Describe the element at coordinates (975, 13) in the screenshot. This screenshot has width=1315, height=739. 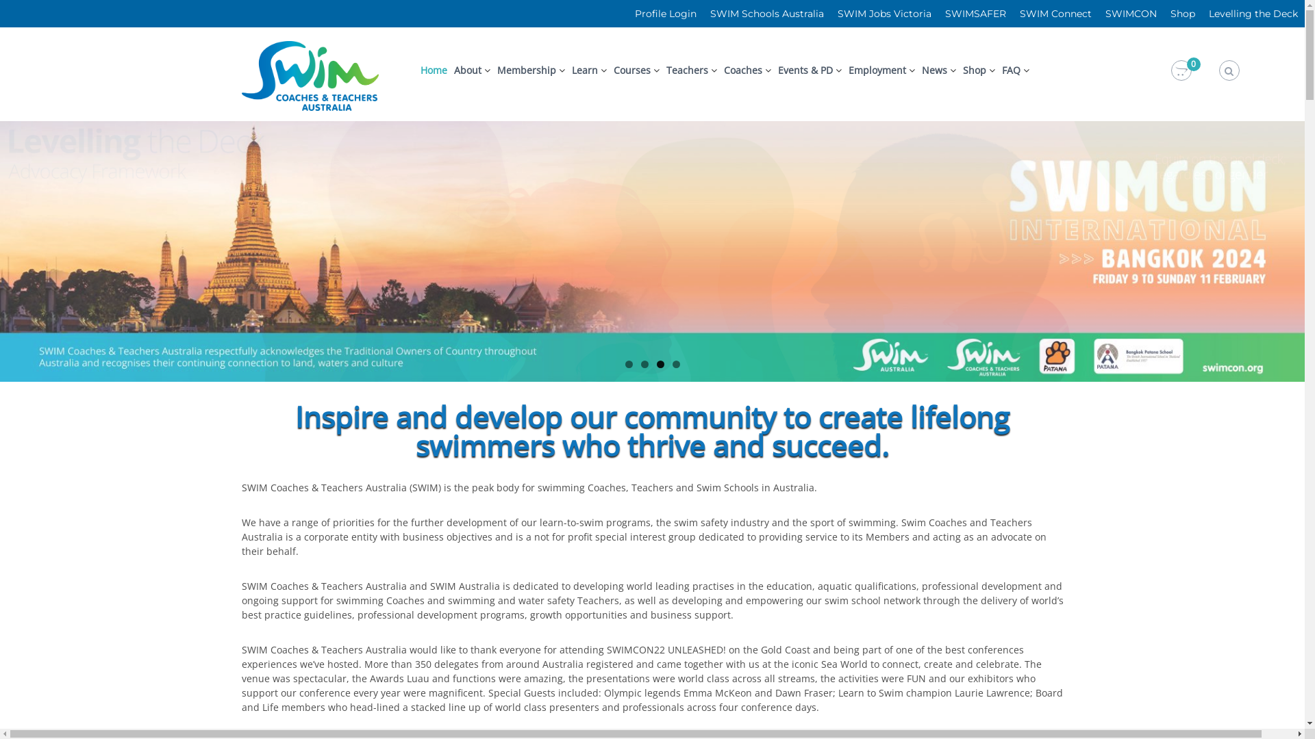
I see `'SWIMSAFER'` at that location.